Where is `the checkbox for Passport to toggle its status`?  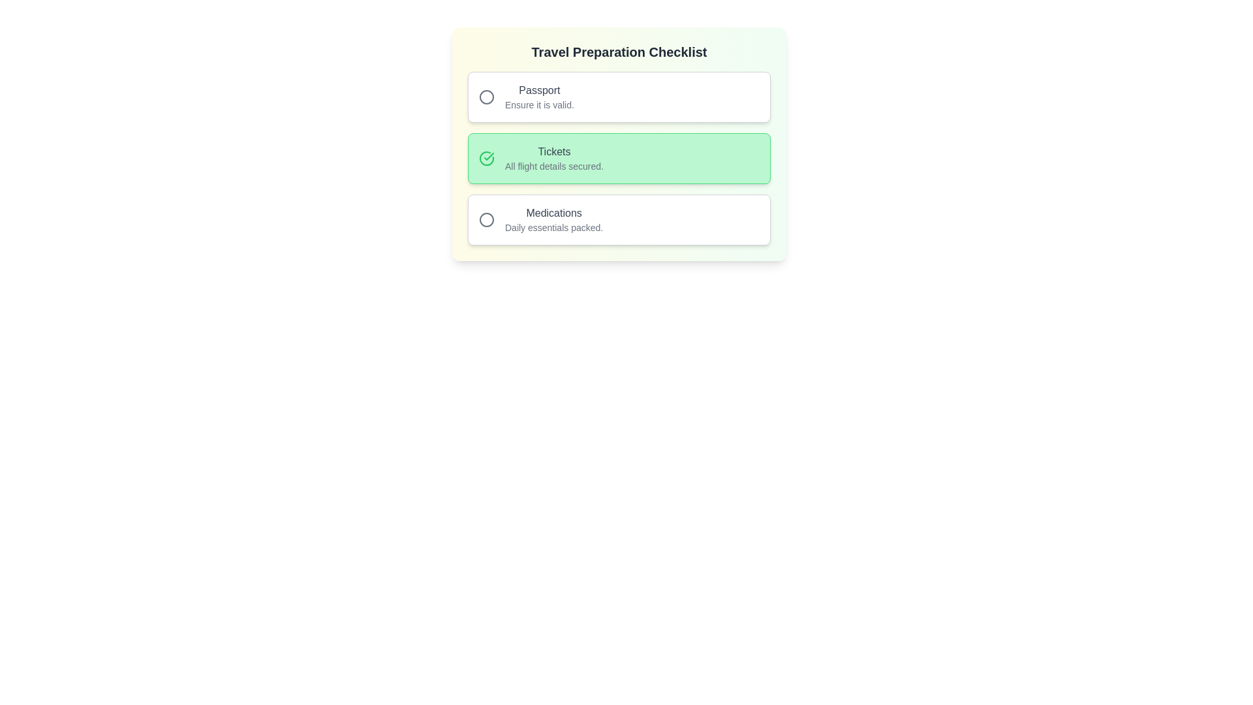
the checkbox for Passport to toggle its status is located at coordinates (619, 97).